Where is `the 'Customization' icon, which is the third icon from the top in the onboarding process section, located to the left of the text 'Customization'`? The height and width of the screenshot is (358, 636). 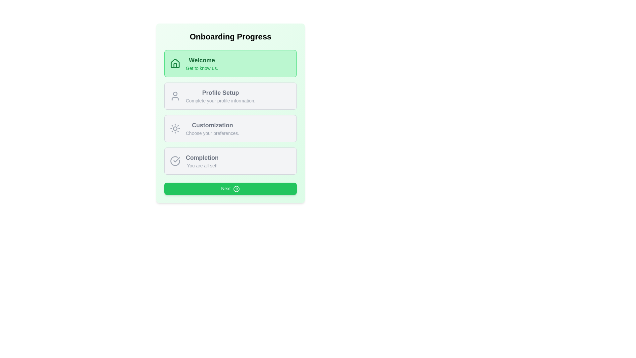 the 'Customization' icon, which is the third icon from the top in the onboarding process section, located to the left of the text 'Customization' is located at coordinates (175, 129).